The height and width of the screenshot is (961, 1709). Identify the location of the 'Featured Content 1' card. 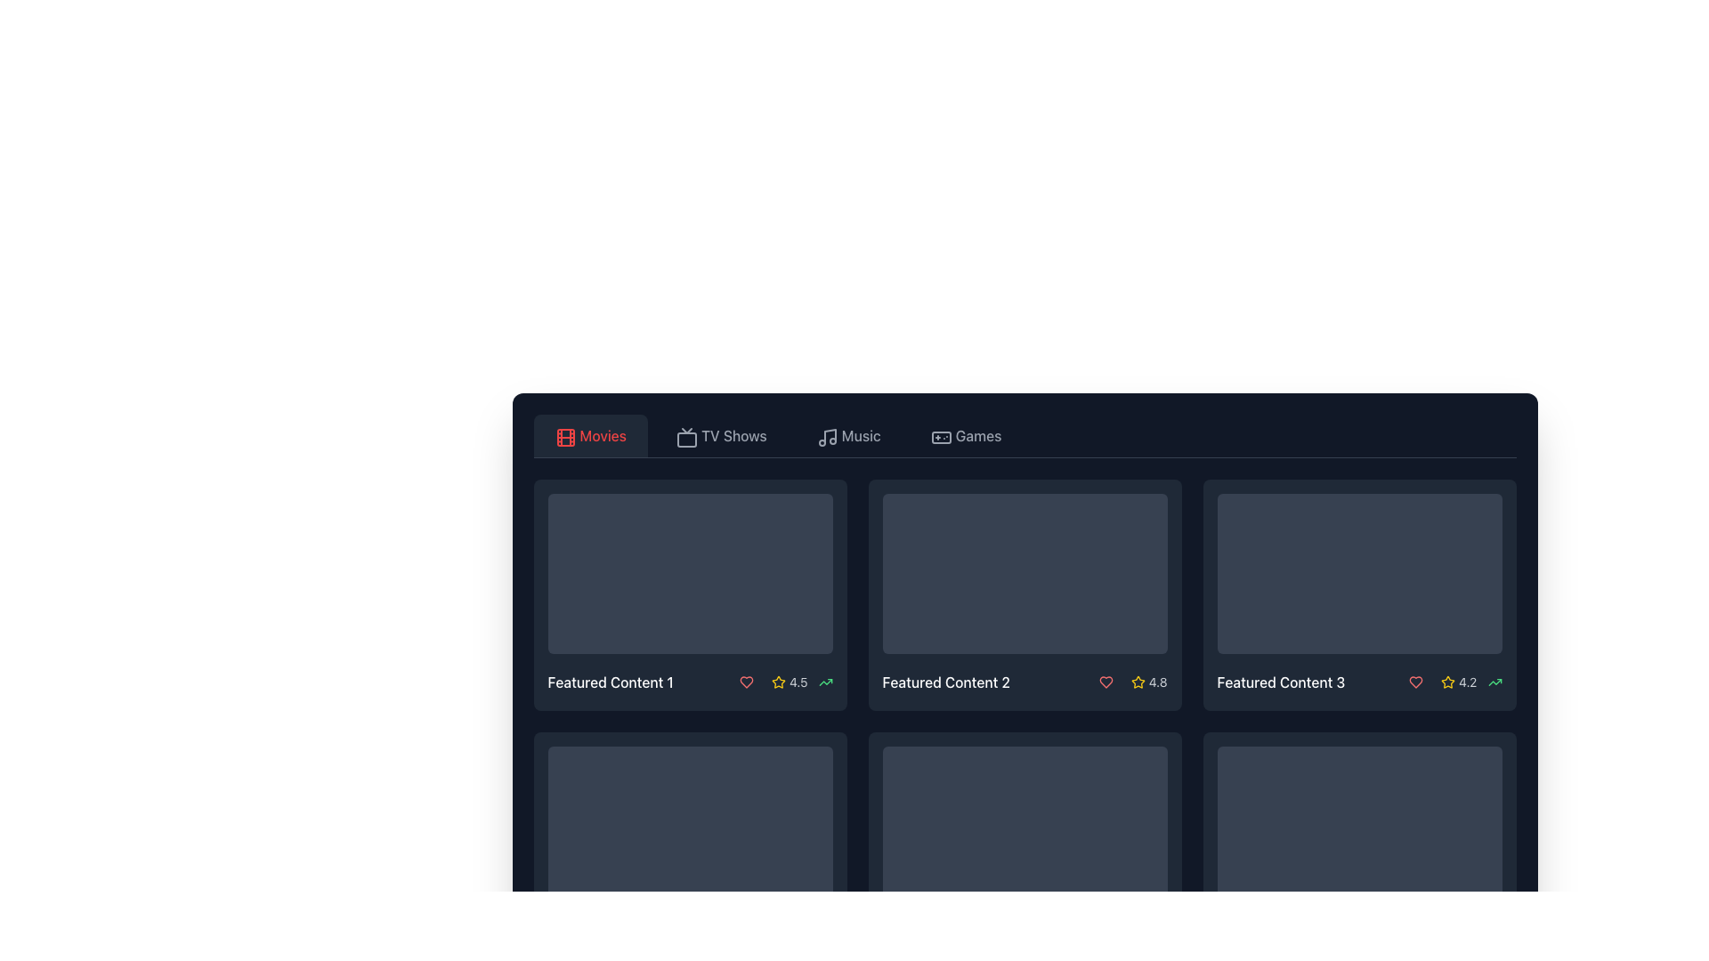
(689, 594).